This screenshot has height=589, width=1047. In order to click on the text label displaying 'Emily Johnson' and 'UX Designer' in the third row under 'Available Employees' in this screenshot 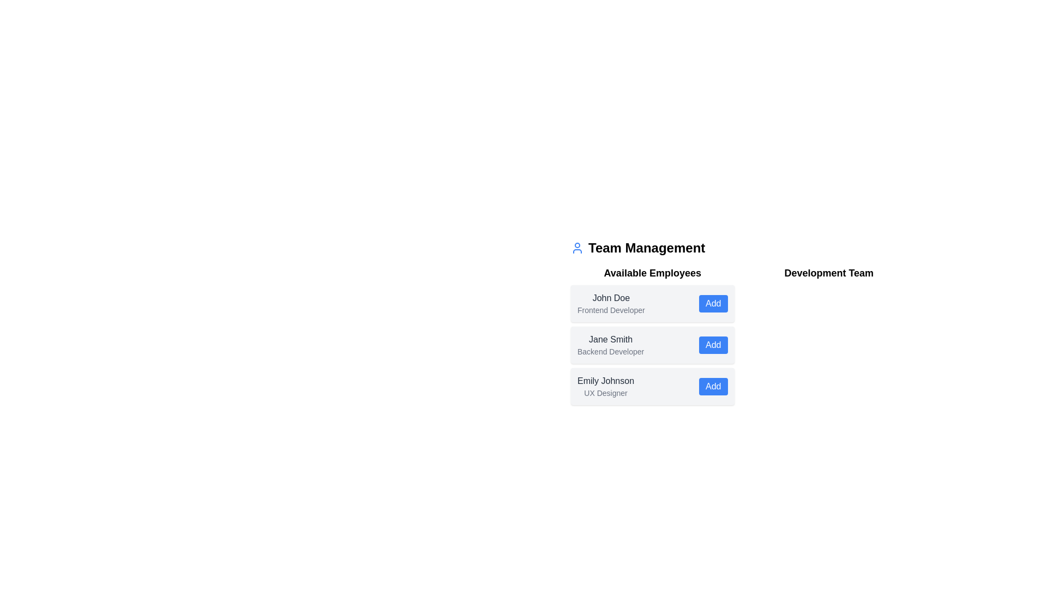, I will do `click(605, 386)`.